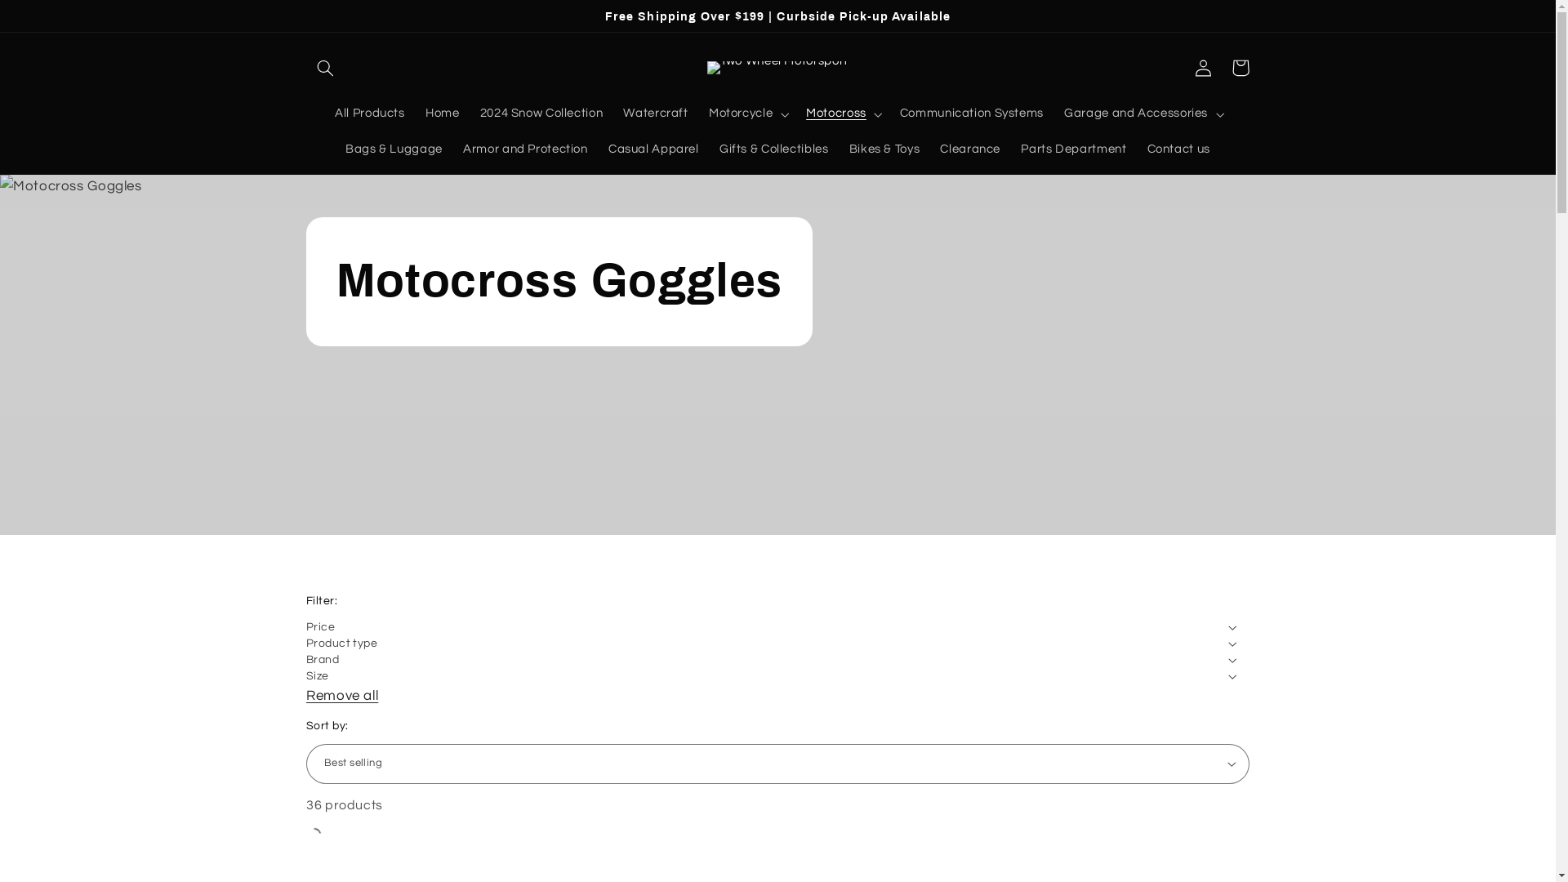 The width and height of the screenshot is (1568, 882). Describe the element at coordinates (452, 150) in the screenshot. I see `'Armor and Protection'` at that location.